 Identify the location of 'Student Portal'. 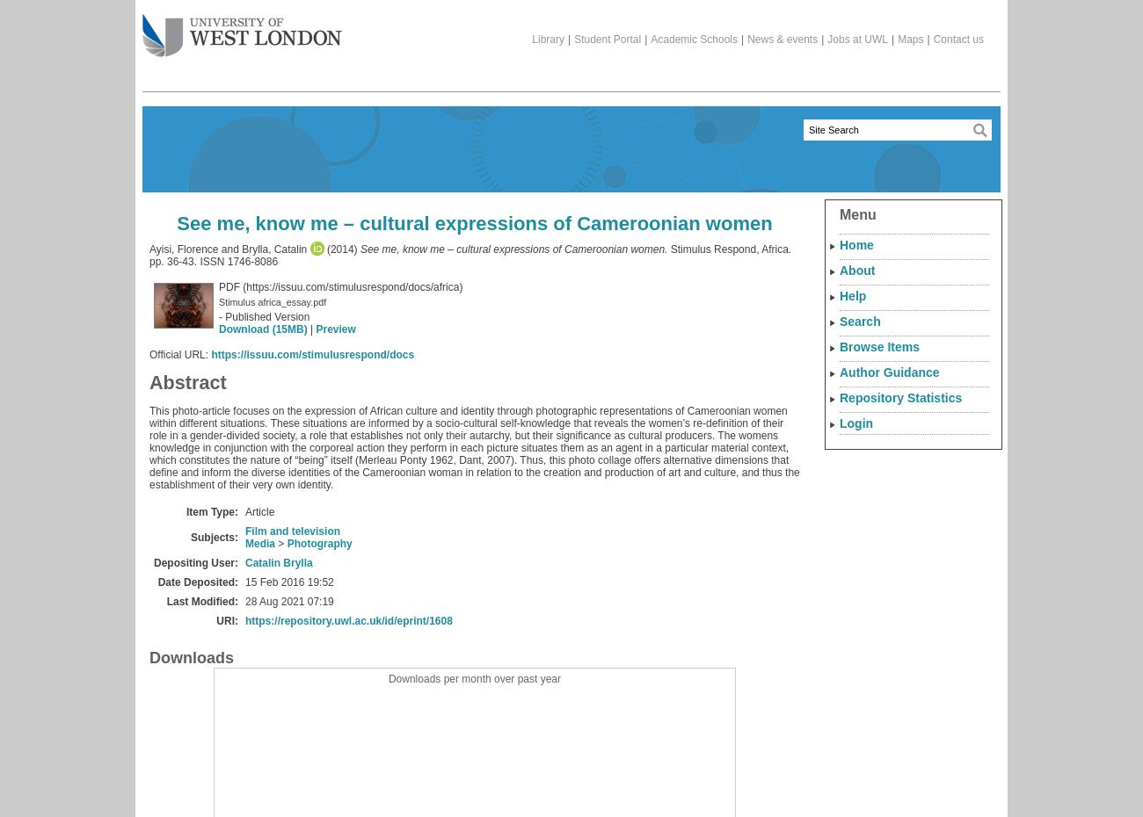
(606, 39).